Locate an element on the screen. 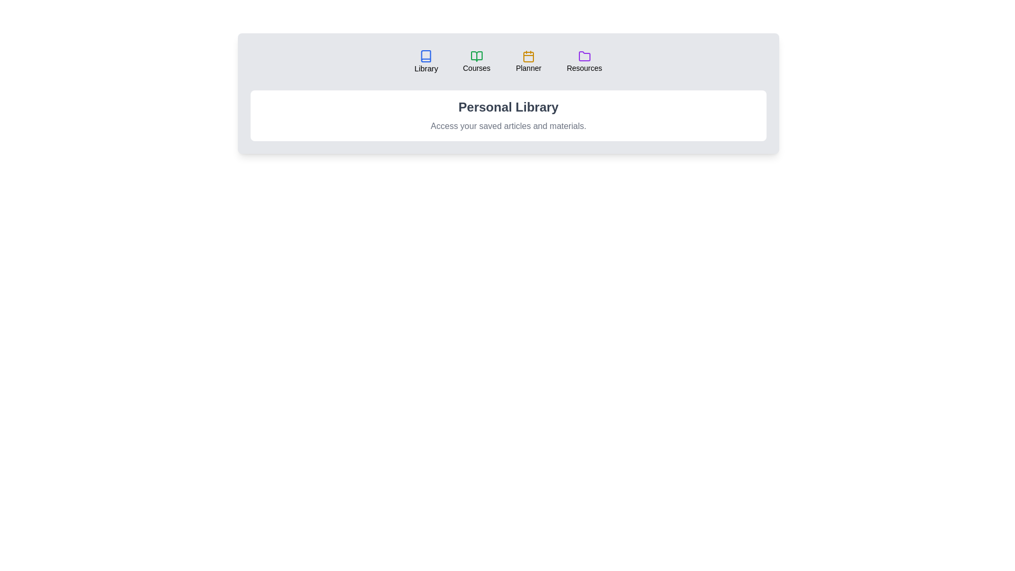  the tab labeled Resources by clicking on it is located at coordinates (584, 61).